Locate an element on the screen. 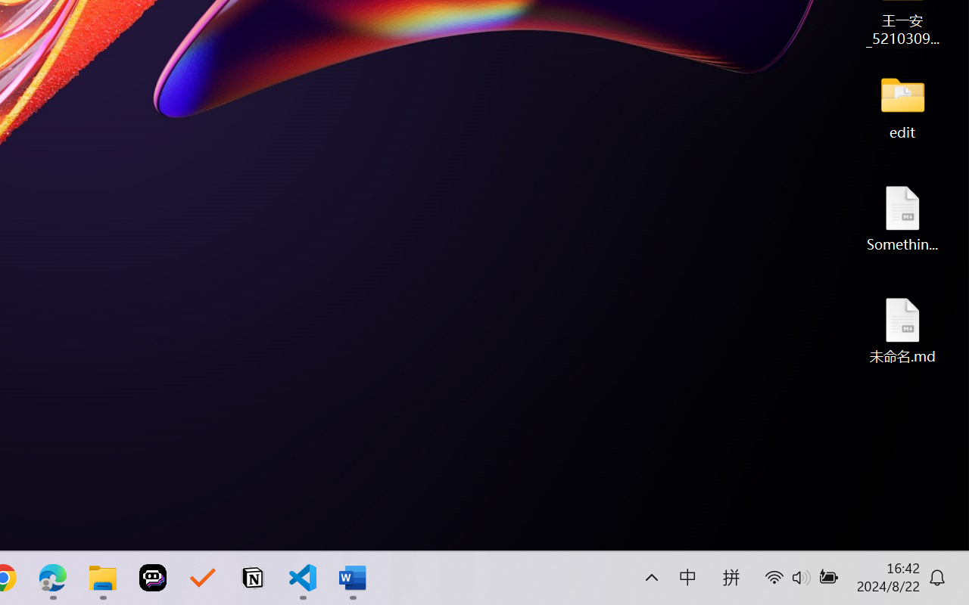 This screenshot has width=969, height=605. 'Something.md' is located at coordinates (902, 218).